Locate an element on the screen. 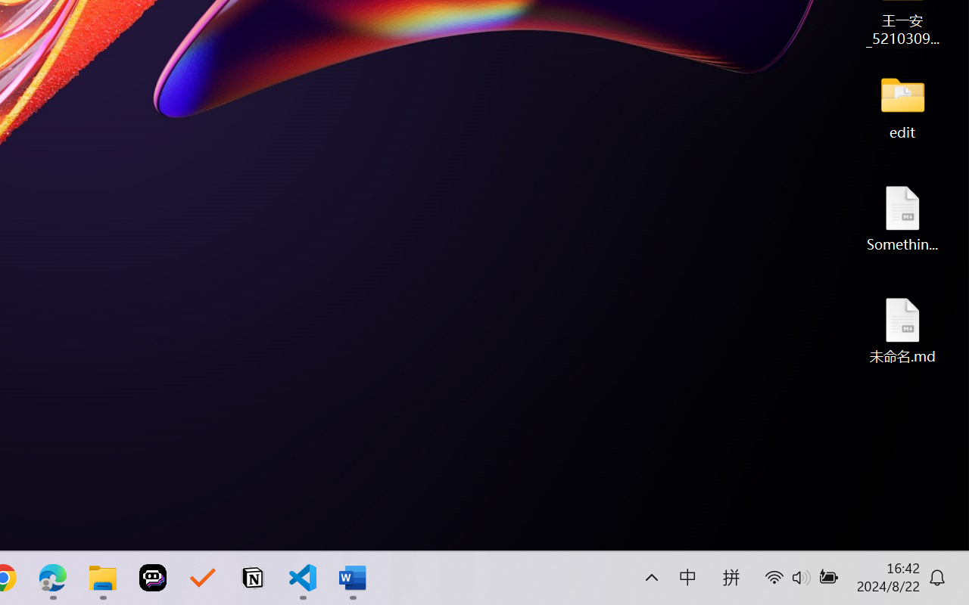 This screenshot has width=969, height=605. 'Something.md' is located at coordinates (902, 218).